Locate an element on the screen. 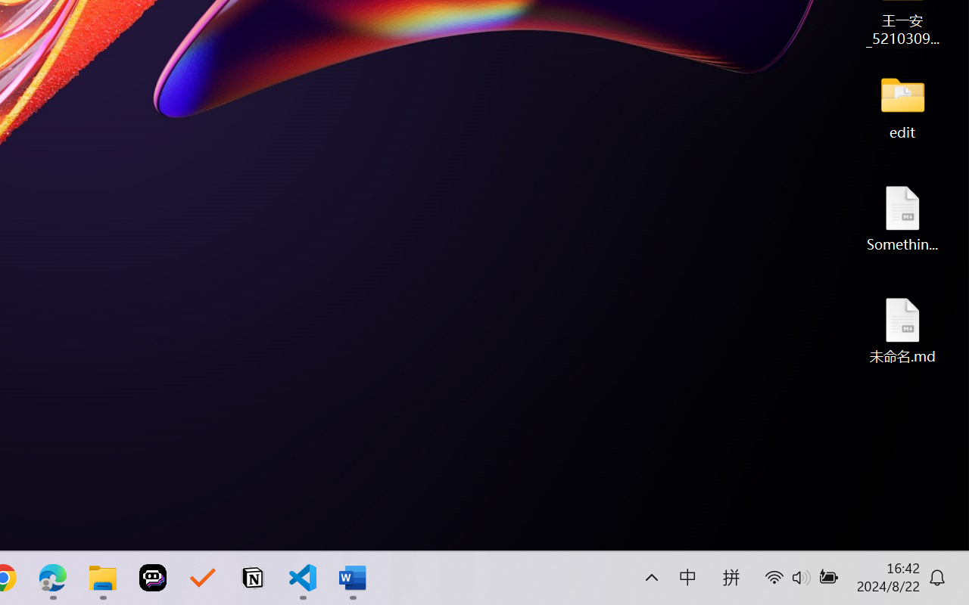 This screenshot has width=969, height=605. 'Something.md' is located at coordinates (902, 218).